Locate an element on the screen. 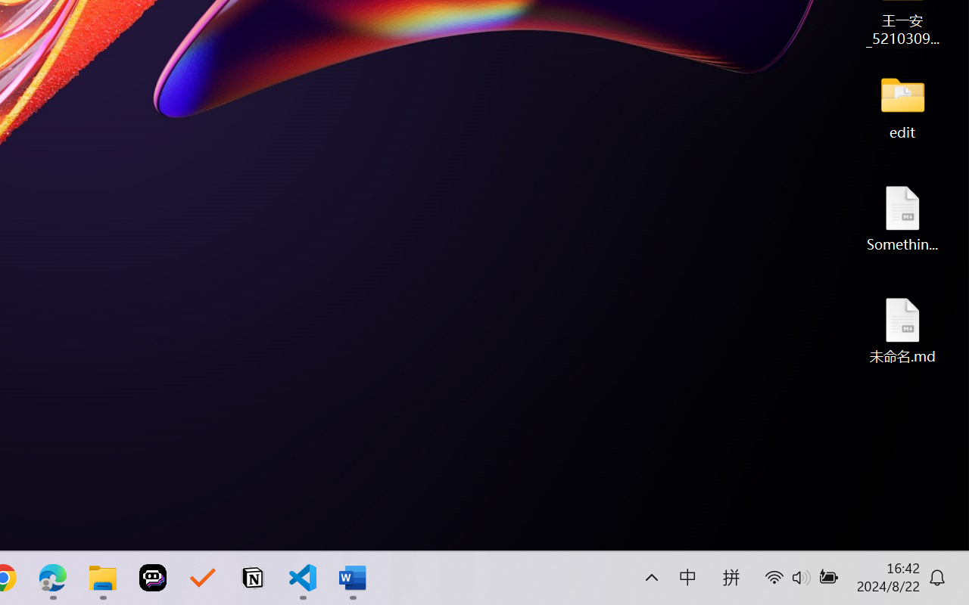 This screenshot has width=969, height=605. 'Something.md' is located at coordinates (902, 218).